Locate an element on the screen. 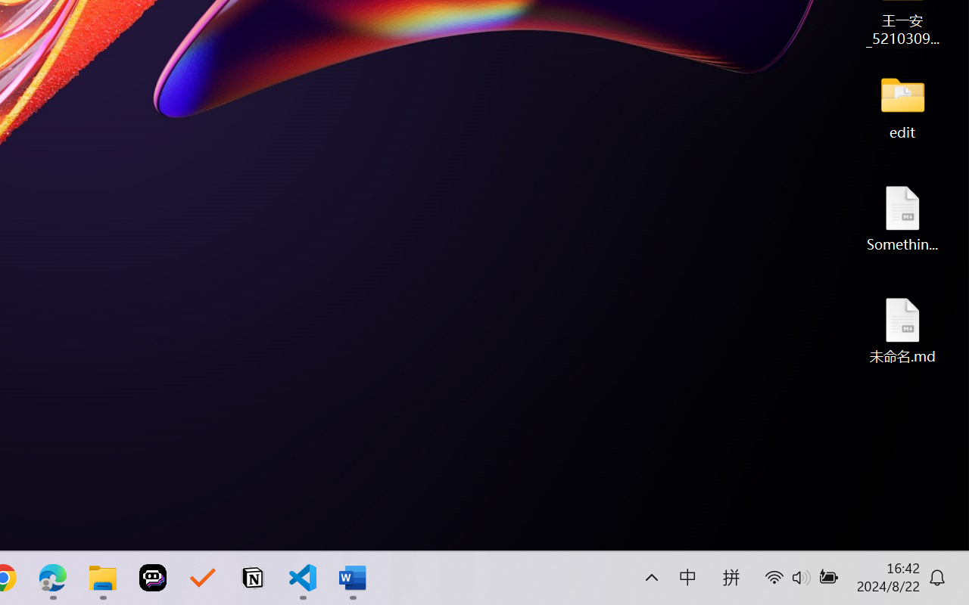 This screenshot has width=969, height=605. 'Something.md' is located at coordinates (902, 218).